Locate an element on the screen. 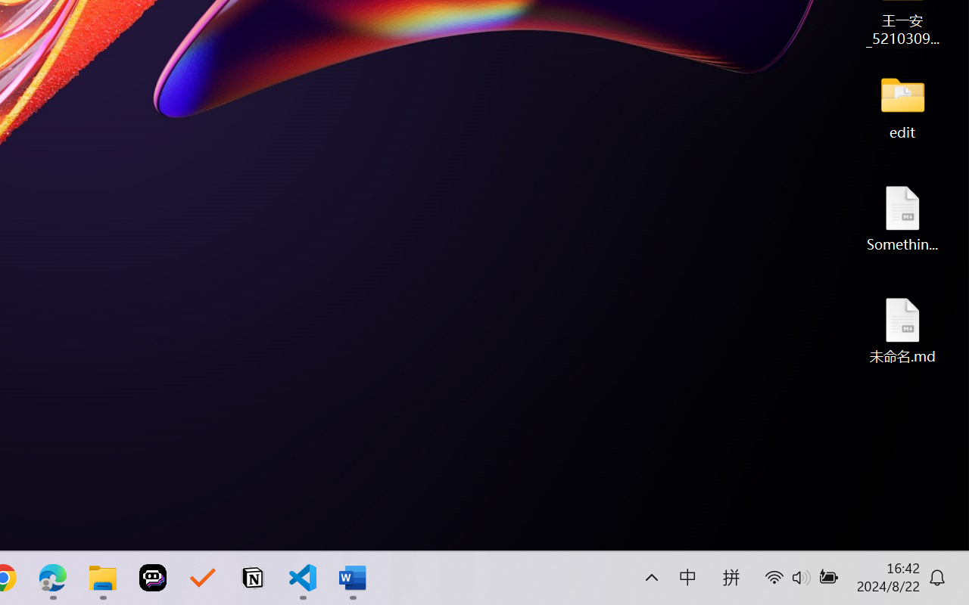 This screenshot has width=969, height=605. 'Something.md' is located at coordinates (902, 218).